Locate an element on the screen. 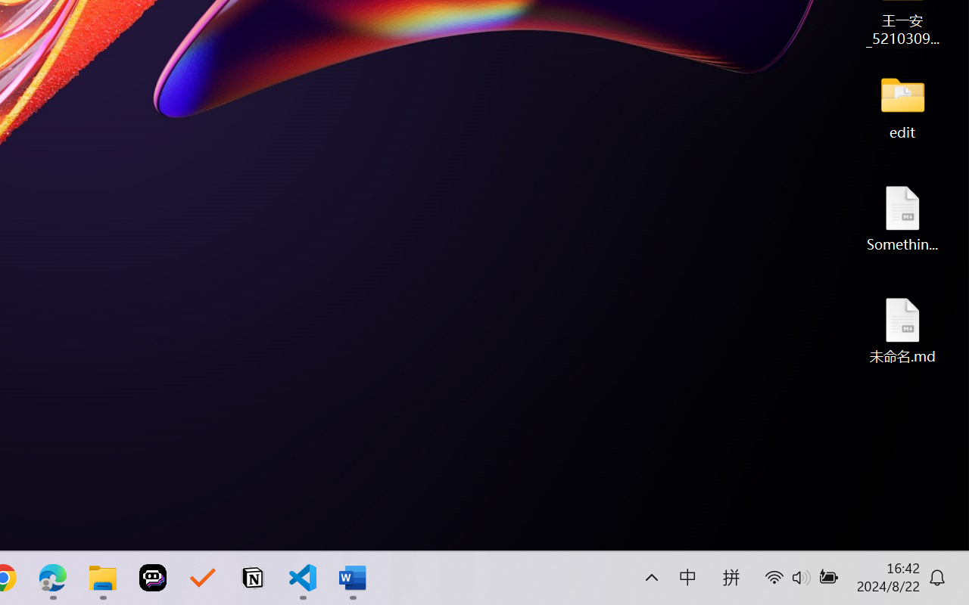 This screenshot has width=969, height=605. 'Something.md' is located at coordinates (902, 218).